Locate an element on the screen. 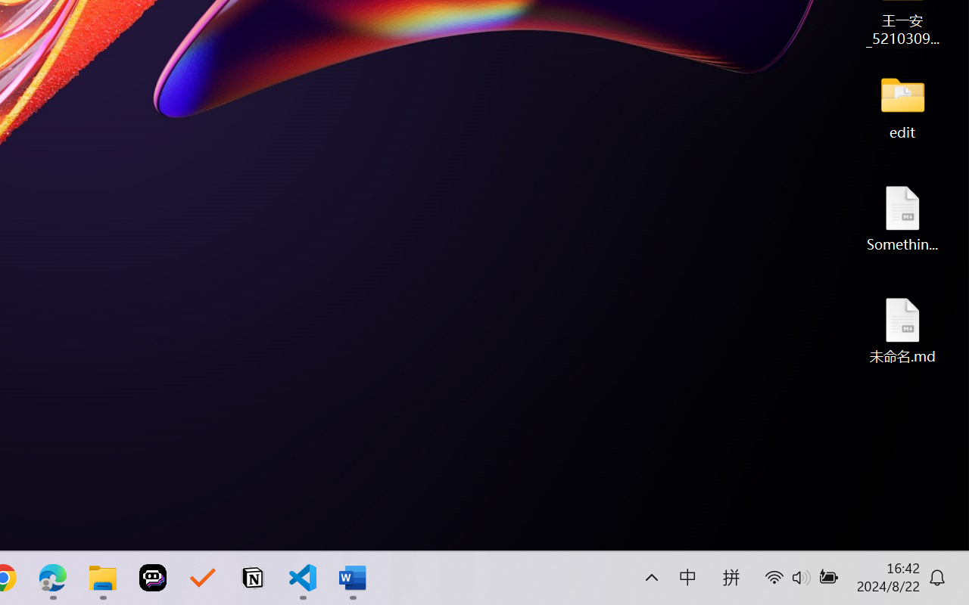 This screenshot has width=969, height=605. 'Something.md' is located at coordinates (902, 218).